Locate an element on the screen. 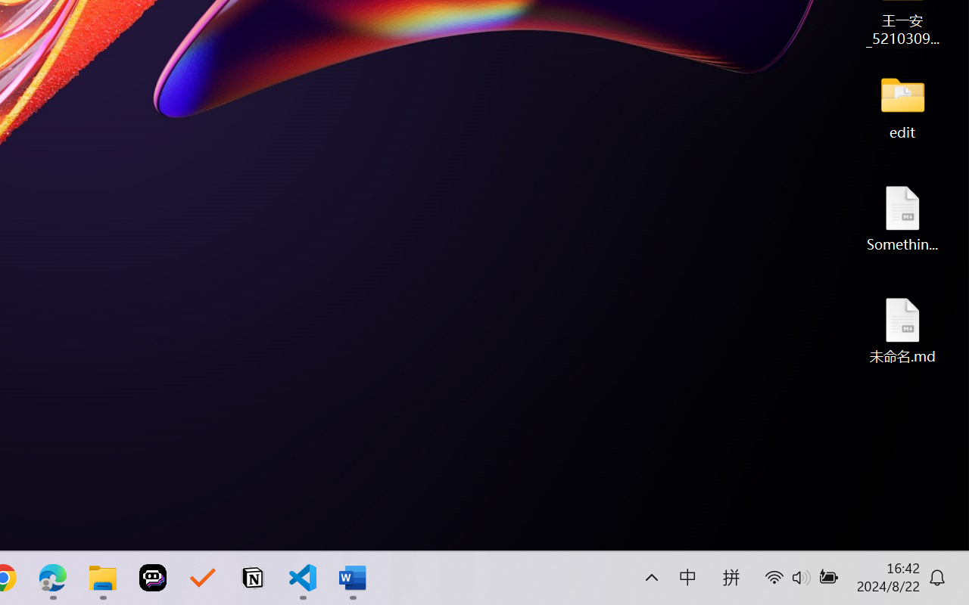 This screenshot has width=969, height=605. 'Something.md' is located at coordinates (902, 218).